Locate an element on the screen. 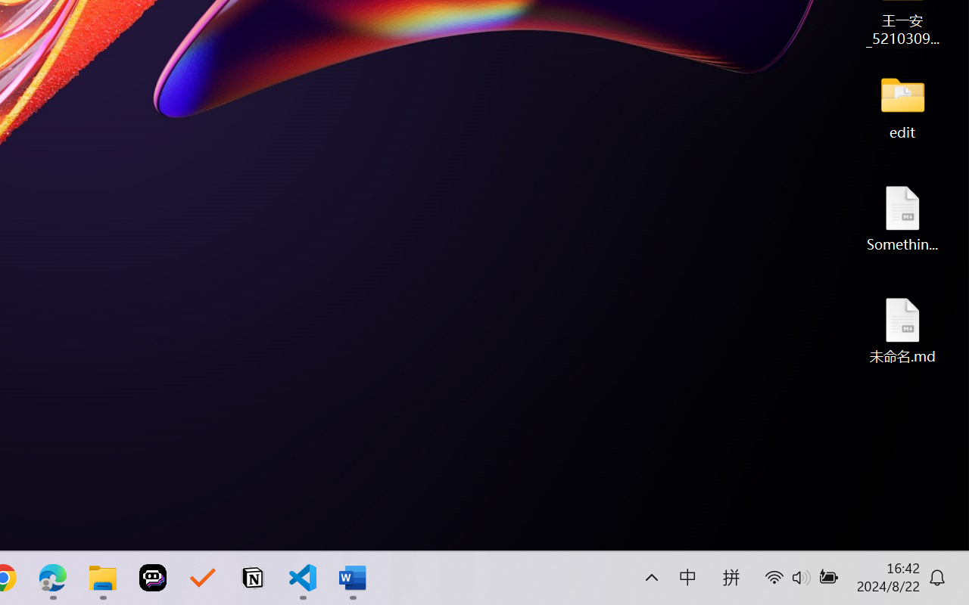 This screenshot has width=969, height=605. 'Something.md' is located at coordinates (902, 218).